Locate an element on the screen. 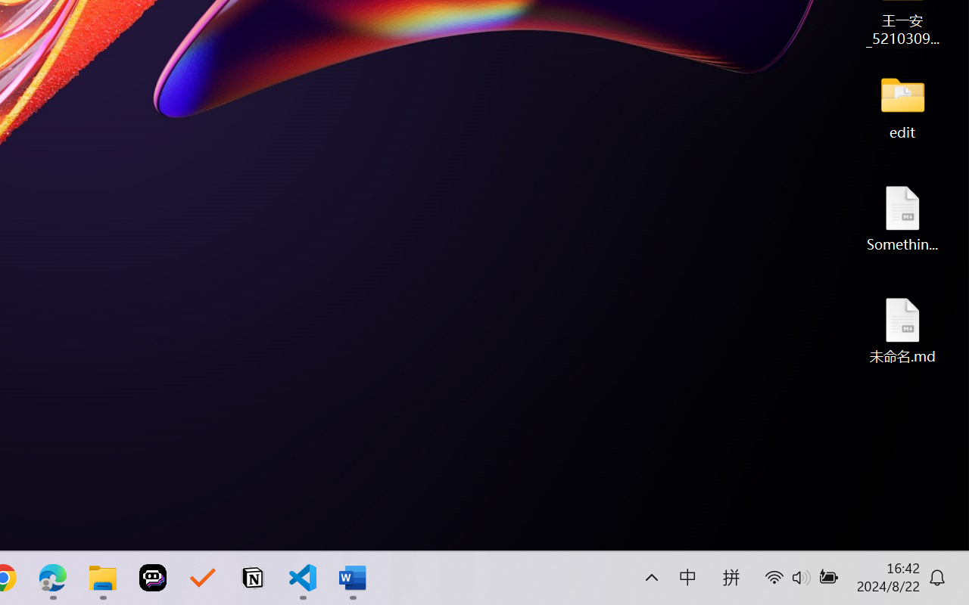 This screenshot has width=969, height=605. 'Something.md' is located at coordinates (902, 218).